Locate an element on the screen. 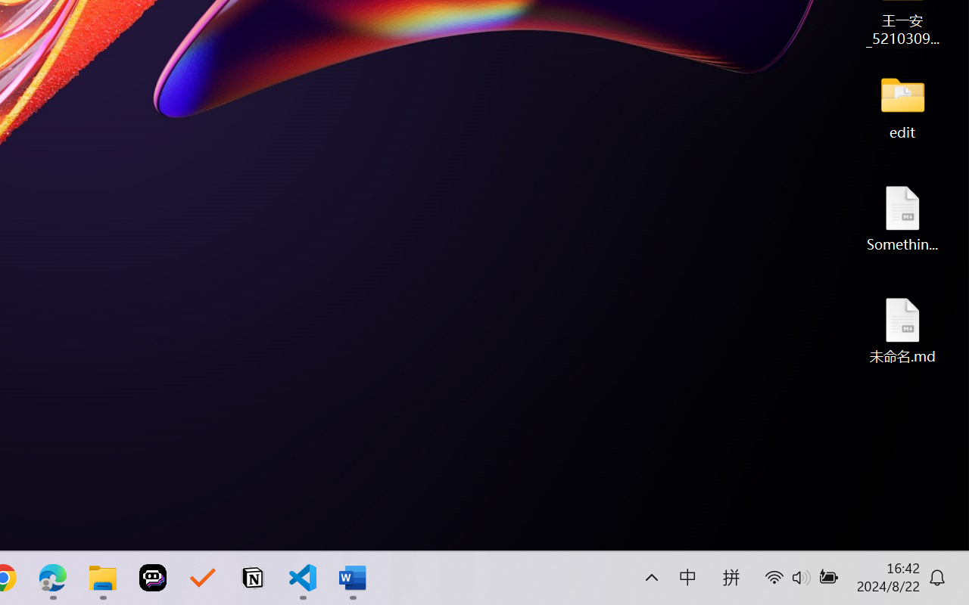 This screenshot has width=969, height=605. 'Something.md' is located at coordinates (902, 218).